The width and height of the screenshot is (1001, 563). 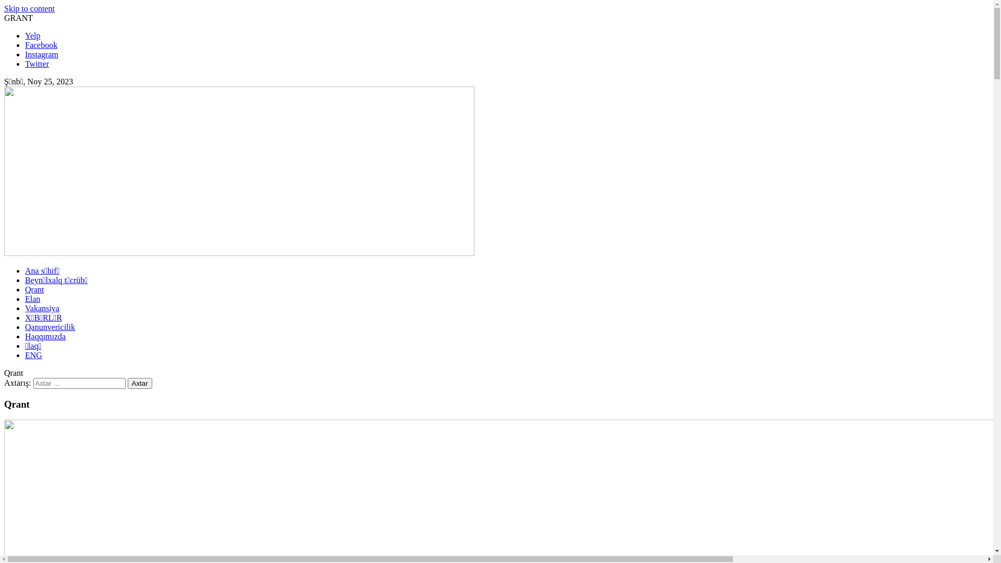 I want to click on 'Skip to content', so click(x=29, y=8).